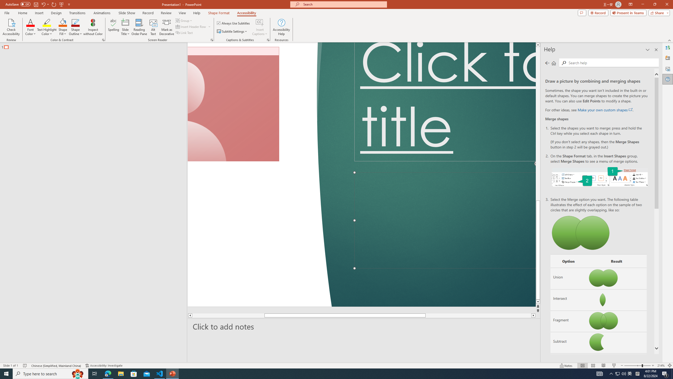 The width and height of the screenshot is (673, 379). What do you see at coordinates (268, 39) in the screenshot?
I see `'Captions & Subtitles'` at bounding box center [268, 39].